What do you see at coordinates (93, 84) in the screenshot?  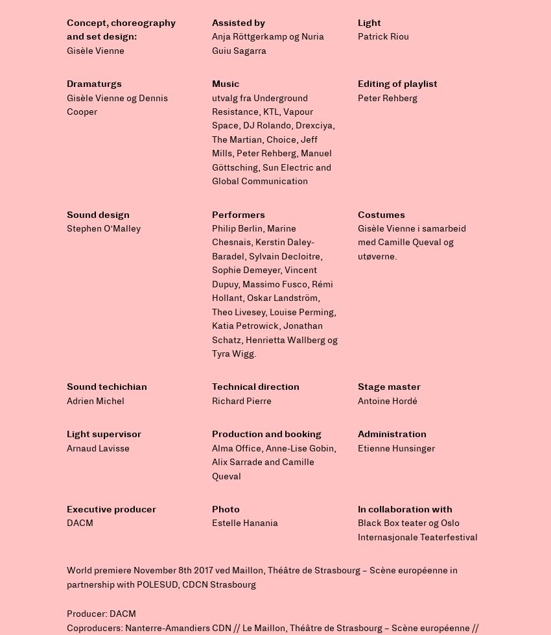 I see `'Dramaturgs'` at bounding box center [93, 84].